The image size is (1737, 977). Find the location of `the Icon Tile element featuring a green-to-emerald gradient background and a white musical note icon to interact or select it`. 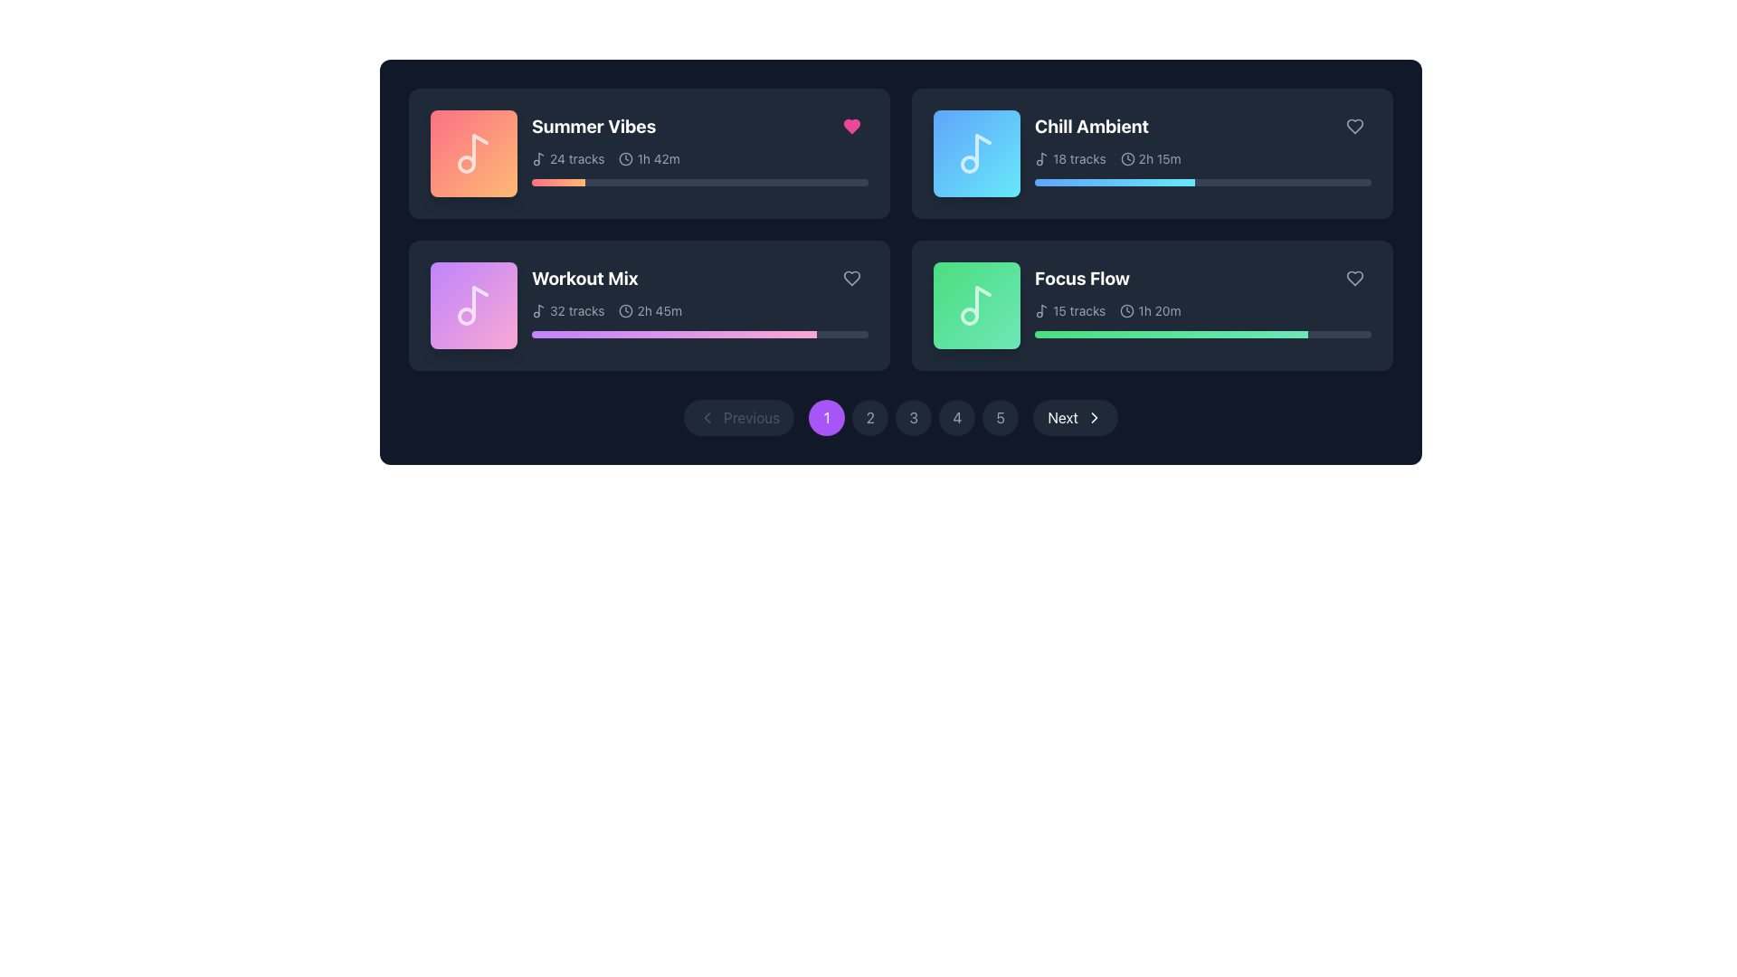

the Icon Tile element featuring a green-to-emerald gradient background and a white musical note icon to interact or select it is located at coordinates (976, 305).